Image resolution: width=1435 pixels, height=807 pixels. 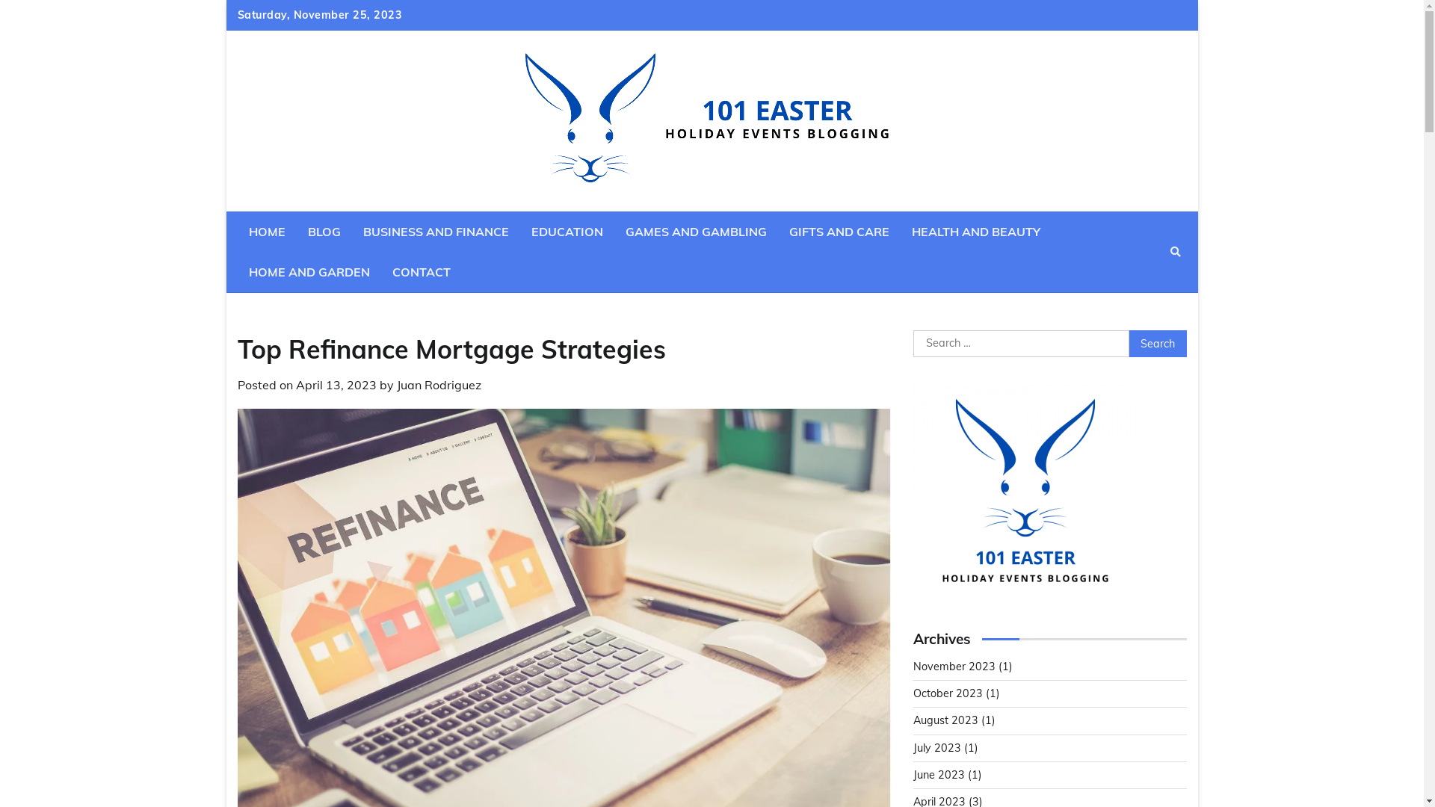 What do you see at coordinates (947, 693) in the screenshot?
I see `'October 2023'` at bounding box center [947, 693].